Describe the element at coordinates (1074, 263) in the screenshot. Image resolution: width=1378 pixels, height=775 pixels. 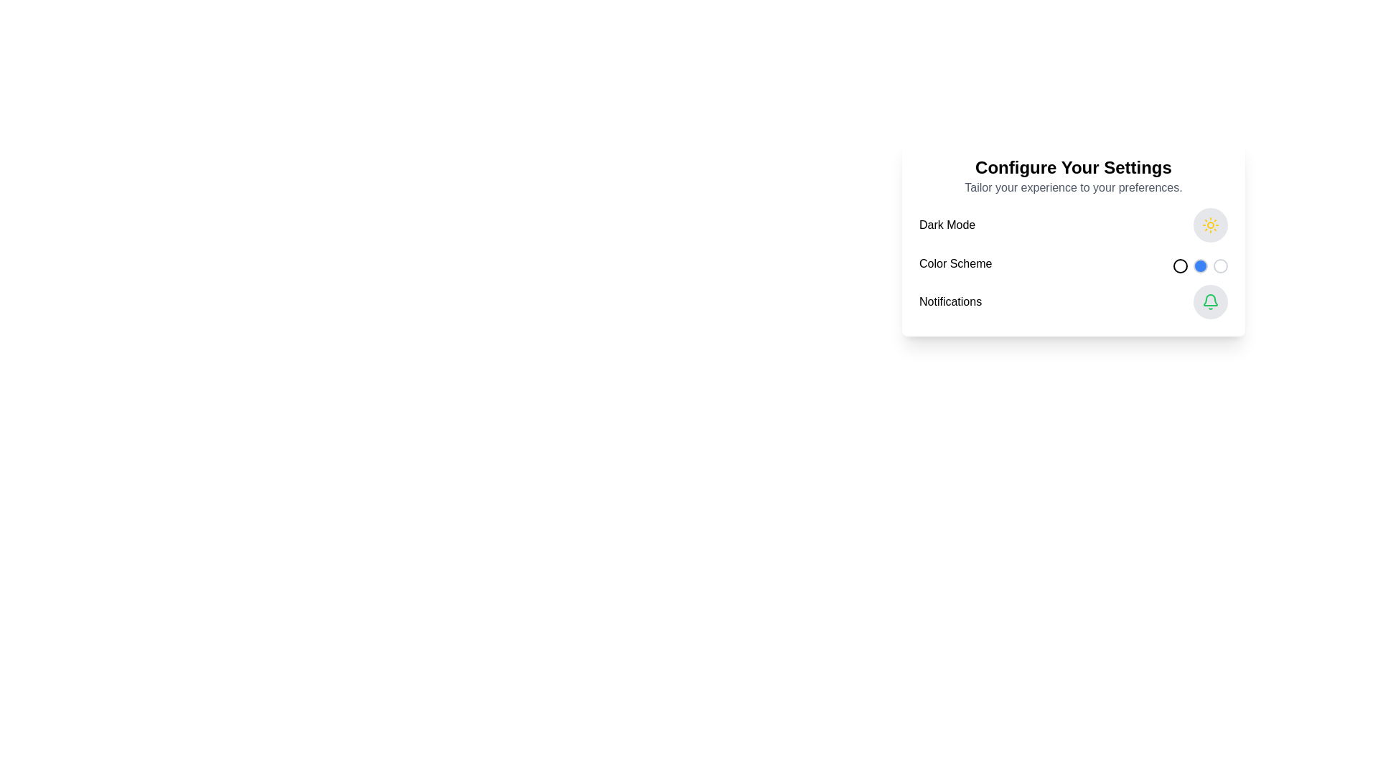
I see `the 'Color Scheme' selection component with radio buttons, which is the second section in a vertically stacked layout` at that location.